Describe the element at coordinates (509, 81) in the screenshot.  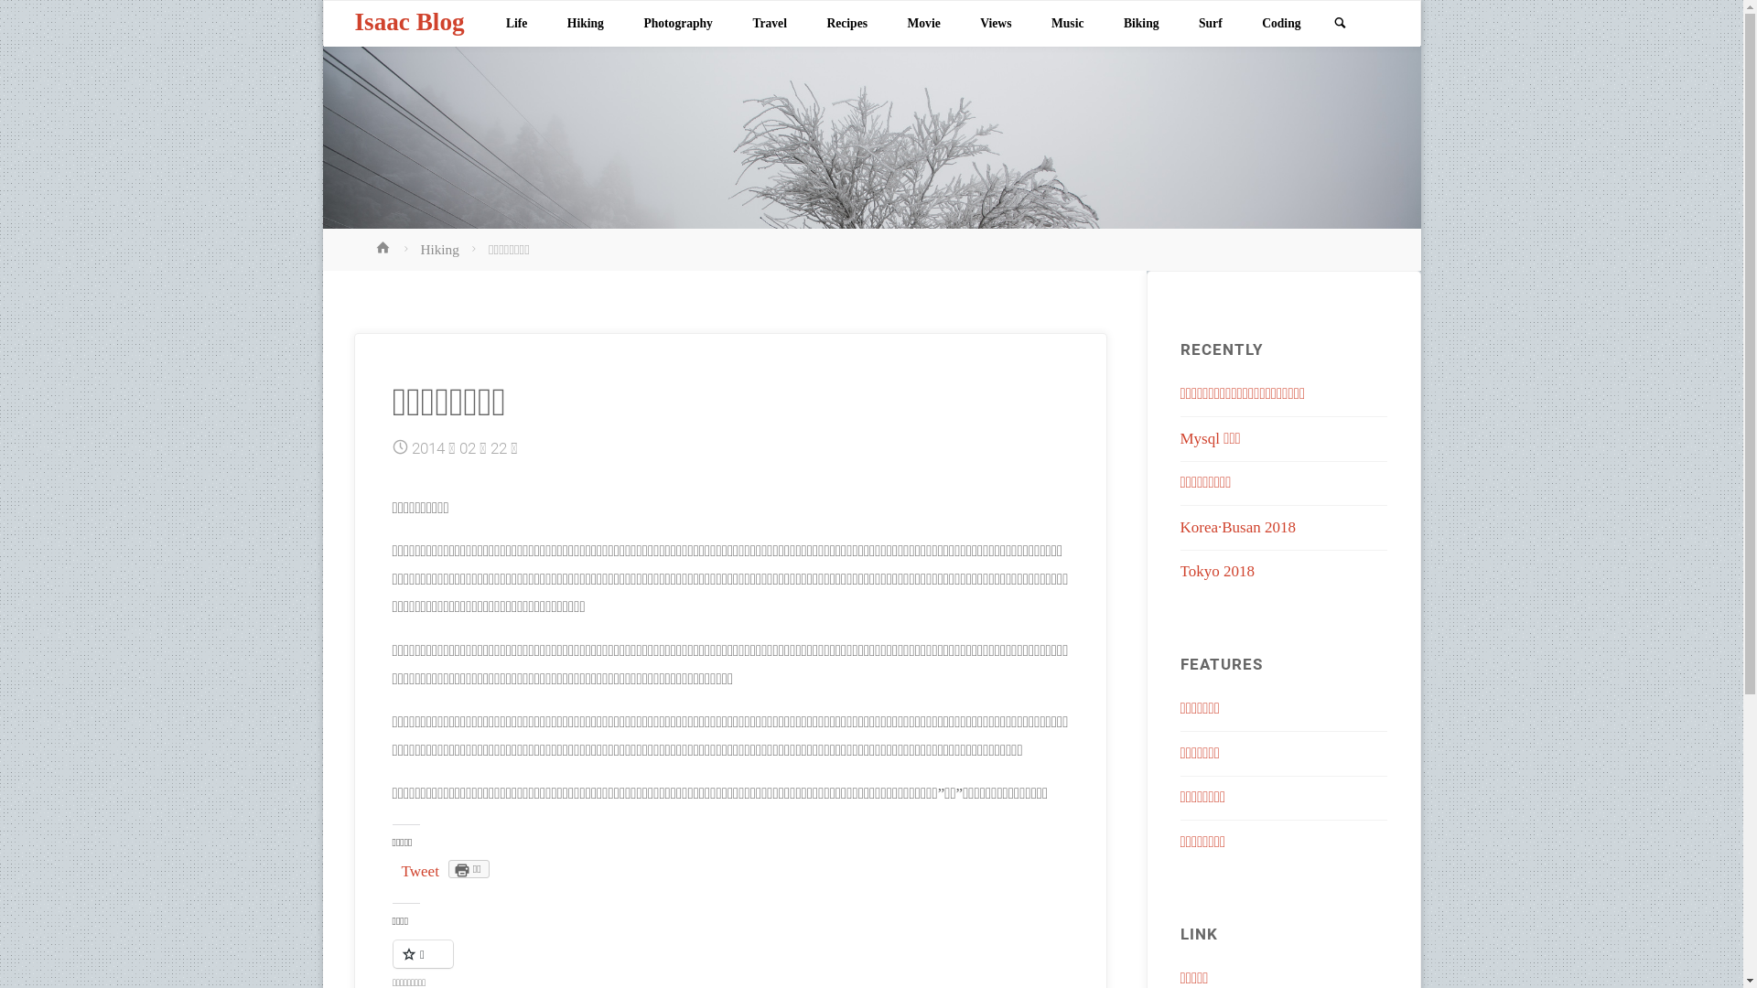
I see `'Skip to content'` at that location.